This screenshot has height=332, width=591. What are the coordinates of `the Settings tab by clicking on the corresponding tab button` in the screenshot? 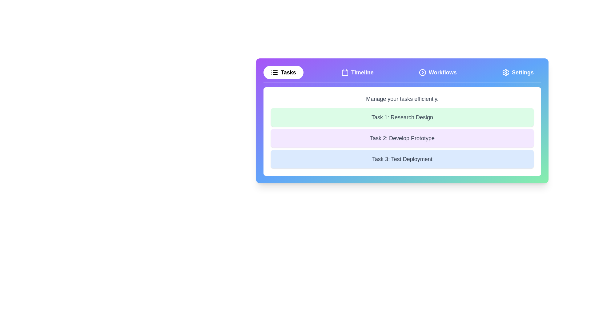 It's located at (517, 72).